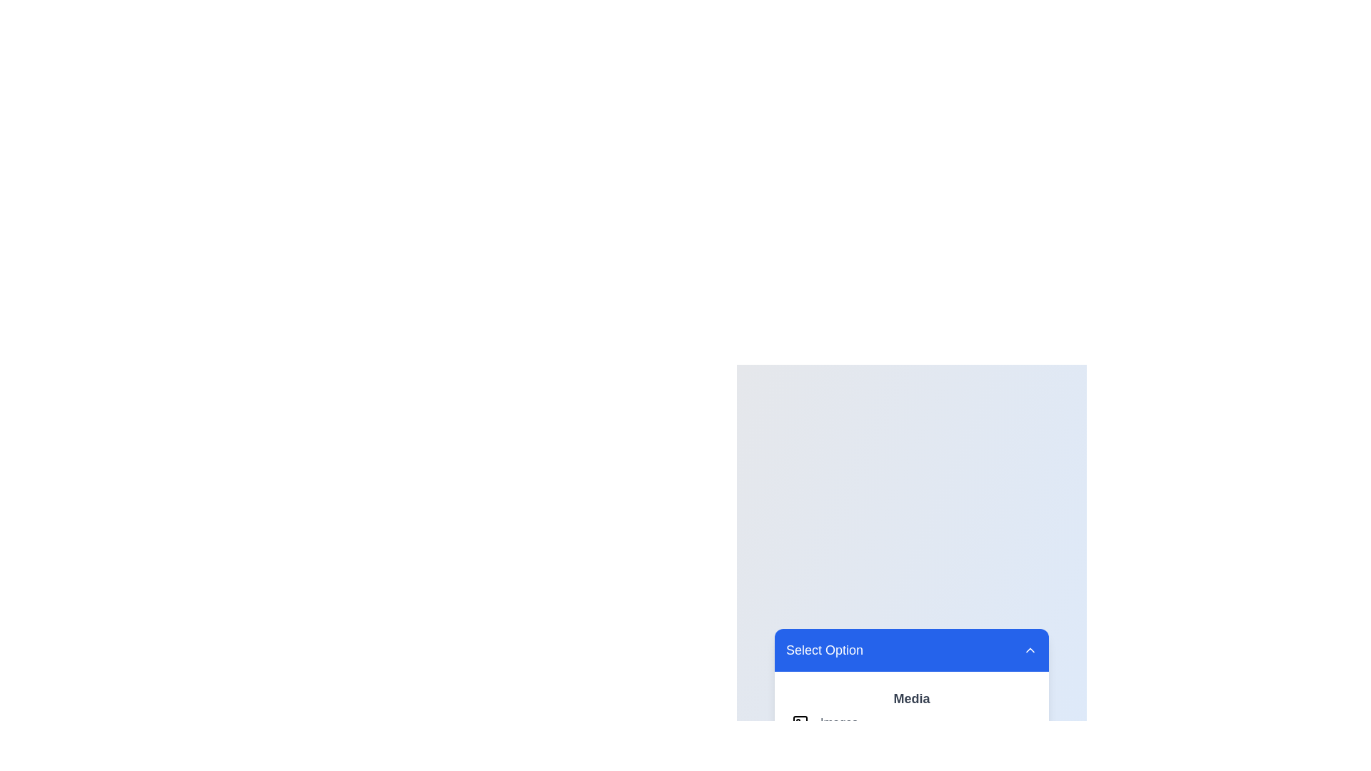 This screenshot has width=1371, height=771. I want to click on the 24x24 pixel icon depicting a simplified image symbol, which is the leftmost visual next to the label 'Images', so click(800, 722).